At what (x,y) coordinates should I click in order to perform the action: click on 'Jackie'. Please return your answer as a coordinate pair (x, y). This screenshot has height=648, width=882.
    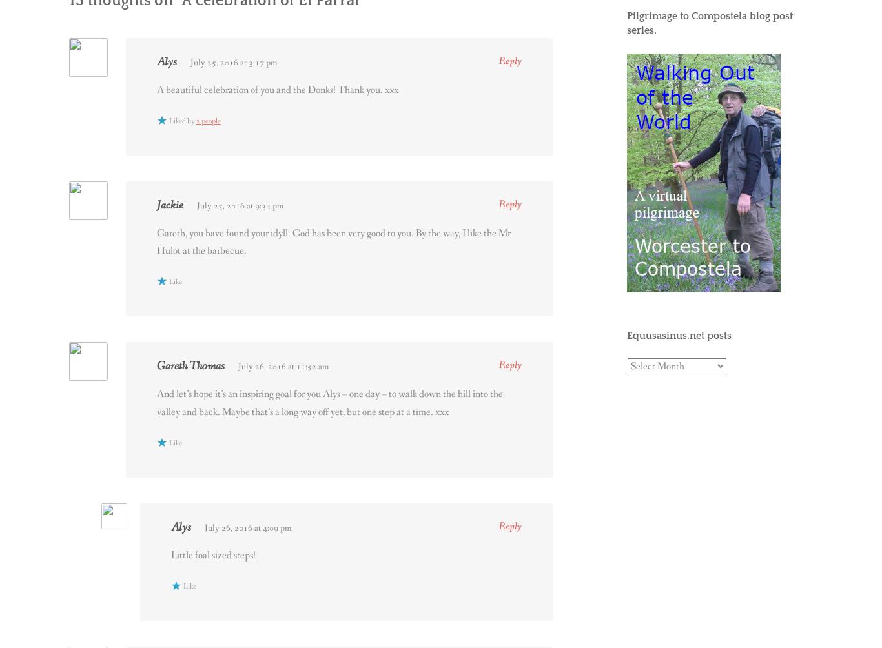
    Looking at the image, I should click on (170, 205).